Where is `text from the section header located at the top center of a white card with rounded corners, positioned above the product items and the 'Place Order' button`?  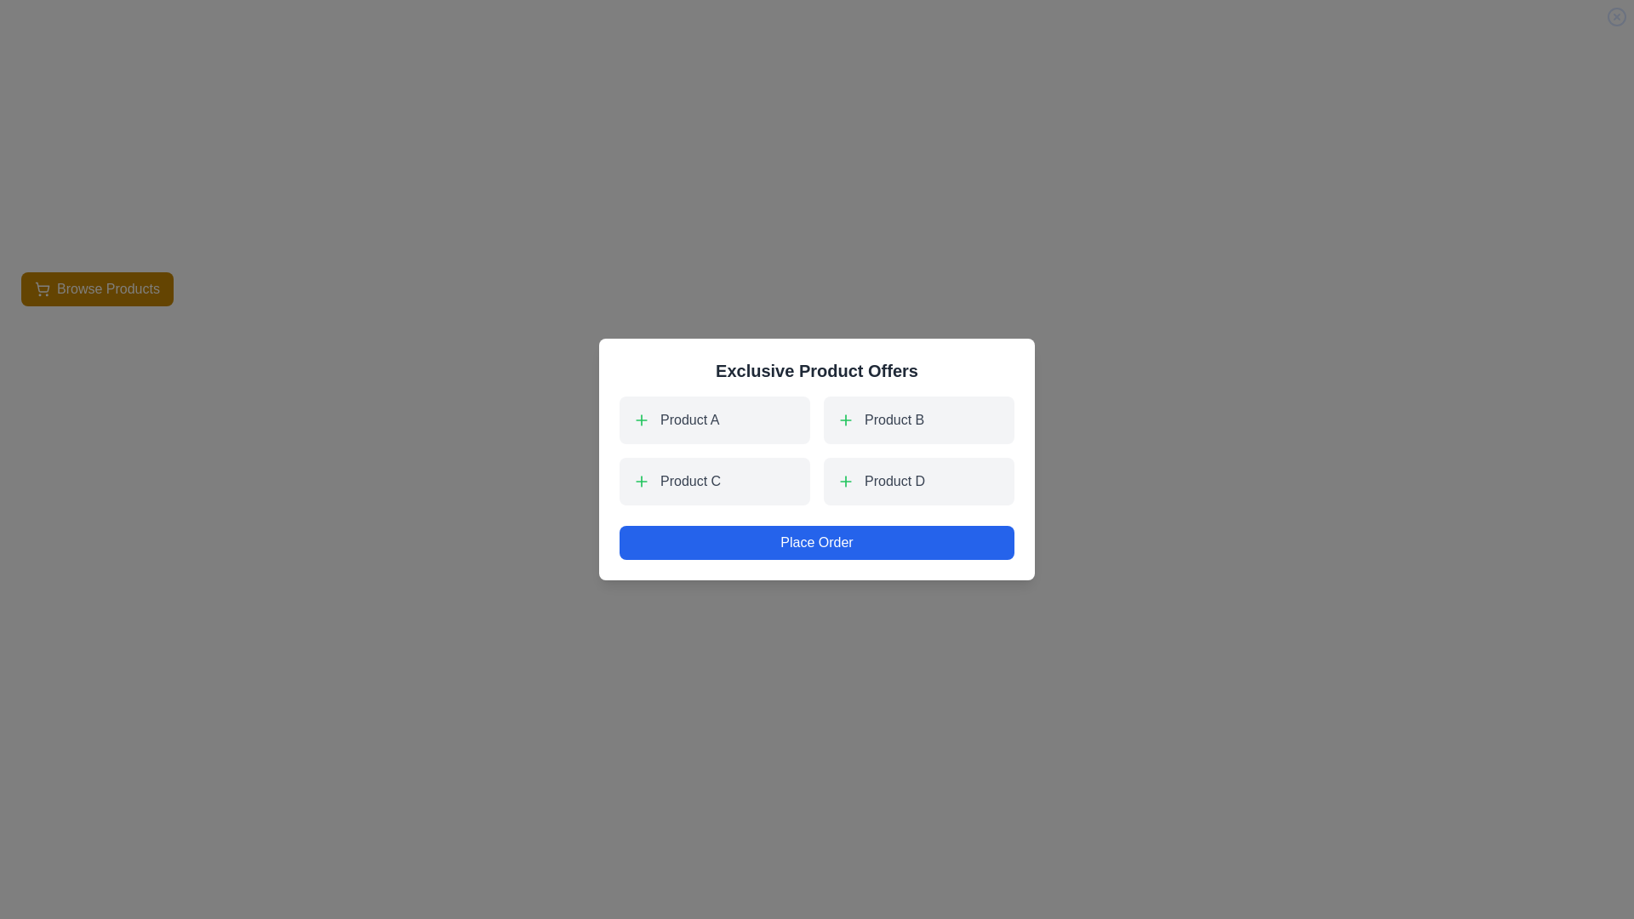
text from the section header located at the top center of a white card with rounded corners, positioned above the product items and the 'Place Order' button is located at coordinates (817, 369).